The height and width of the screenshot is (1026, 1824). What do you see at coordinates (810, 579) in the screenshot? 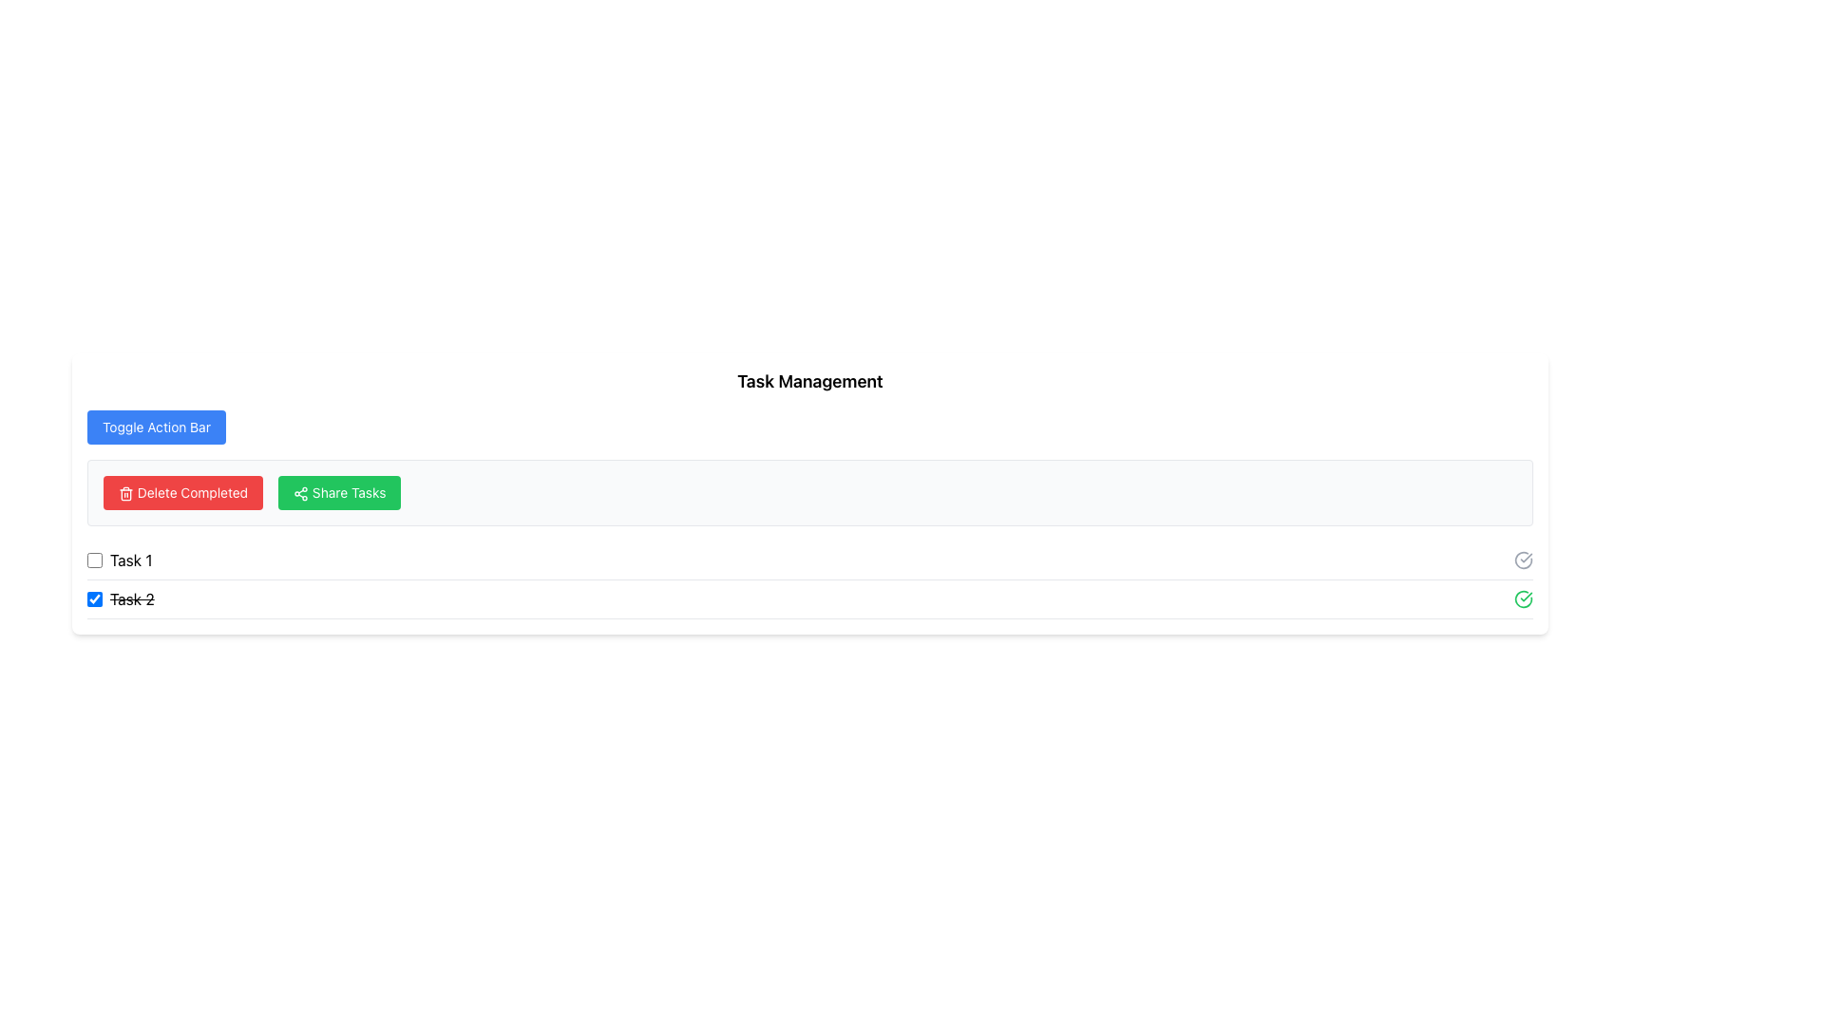
I see `and drop` at bounding box center [810, 579].